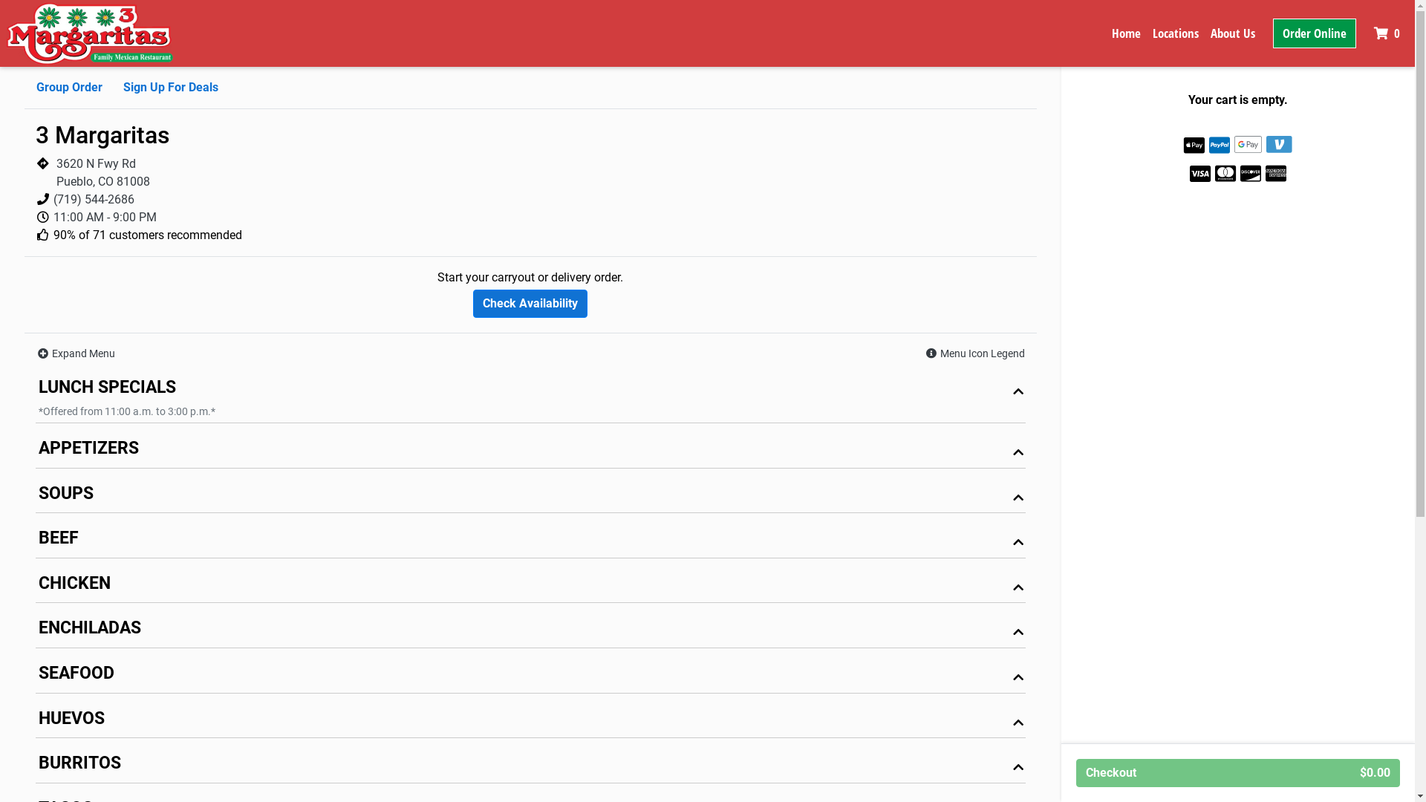 The image size is (1426, 802). What do you see at coordinates (530, 766) in the screenshot?
I see `'BURRITOS'` at bounding box center [530, 766].